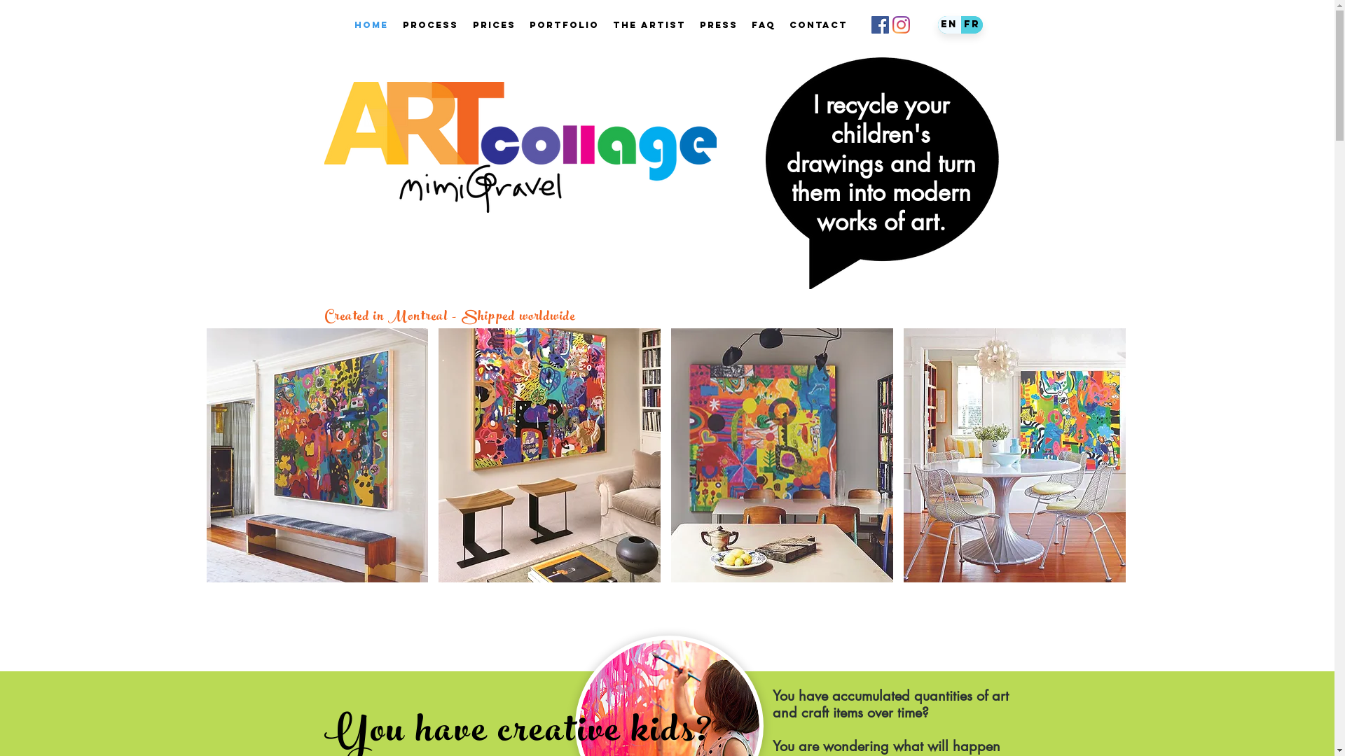  What do you see at coordinates (605, 24) in the screenshot?
I see `'The artist'` at bounding box center [605, 24].